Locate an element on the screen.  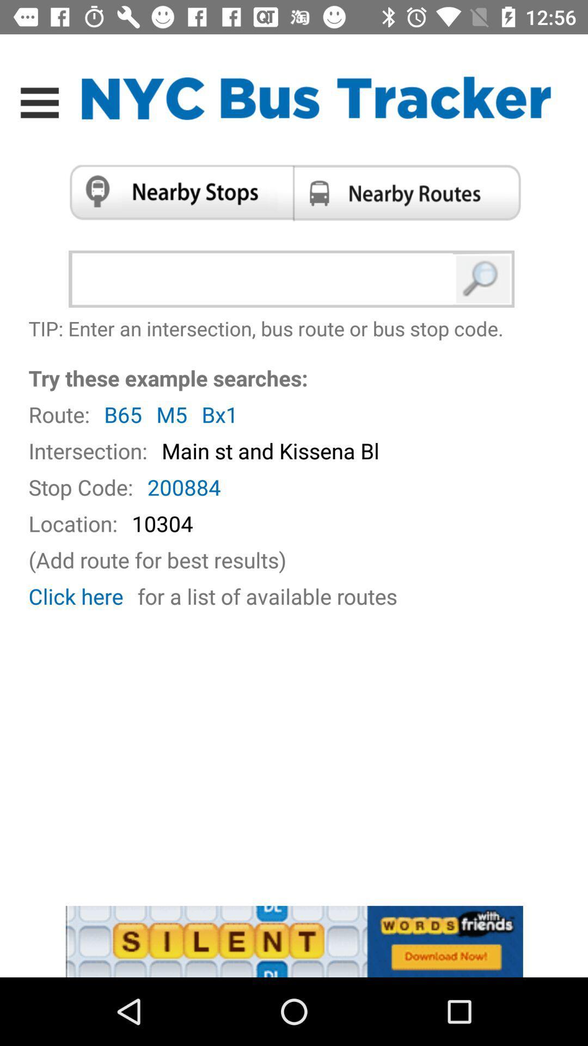
option selection is located at coordinates (176, 192).